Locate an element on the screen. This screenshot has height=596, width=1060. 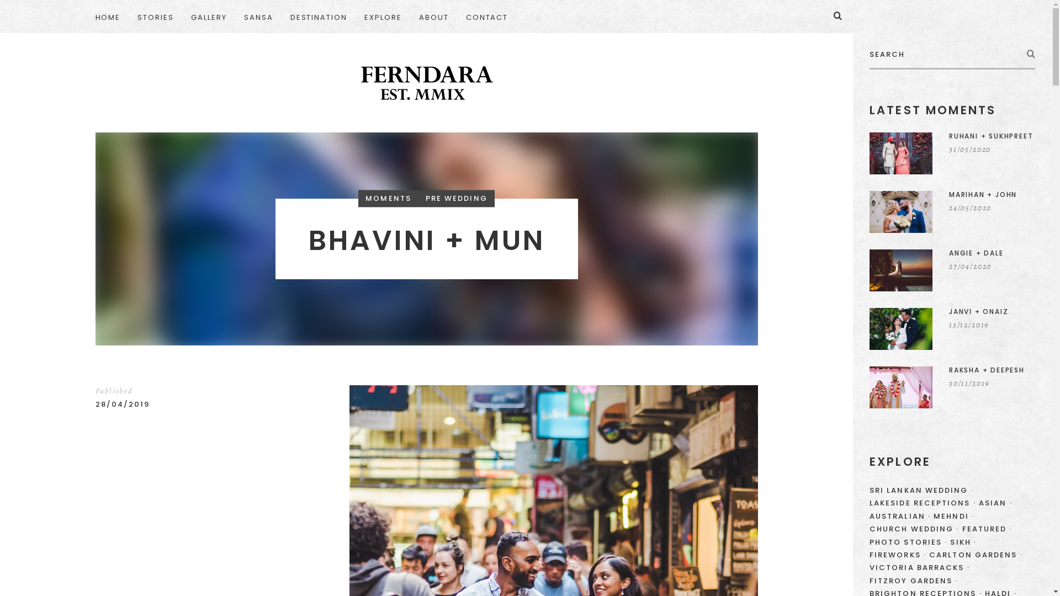
'AUSTRALIAN' is located at coordinates (868, 516).